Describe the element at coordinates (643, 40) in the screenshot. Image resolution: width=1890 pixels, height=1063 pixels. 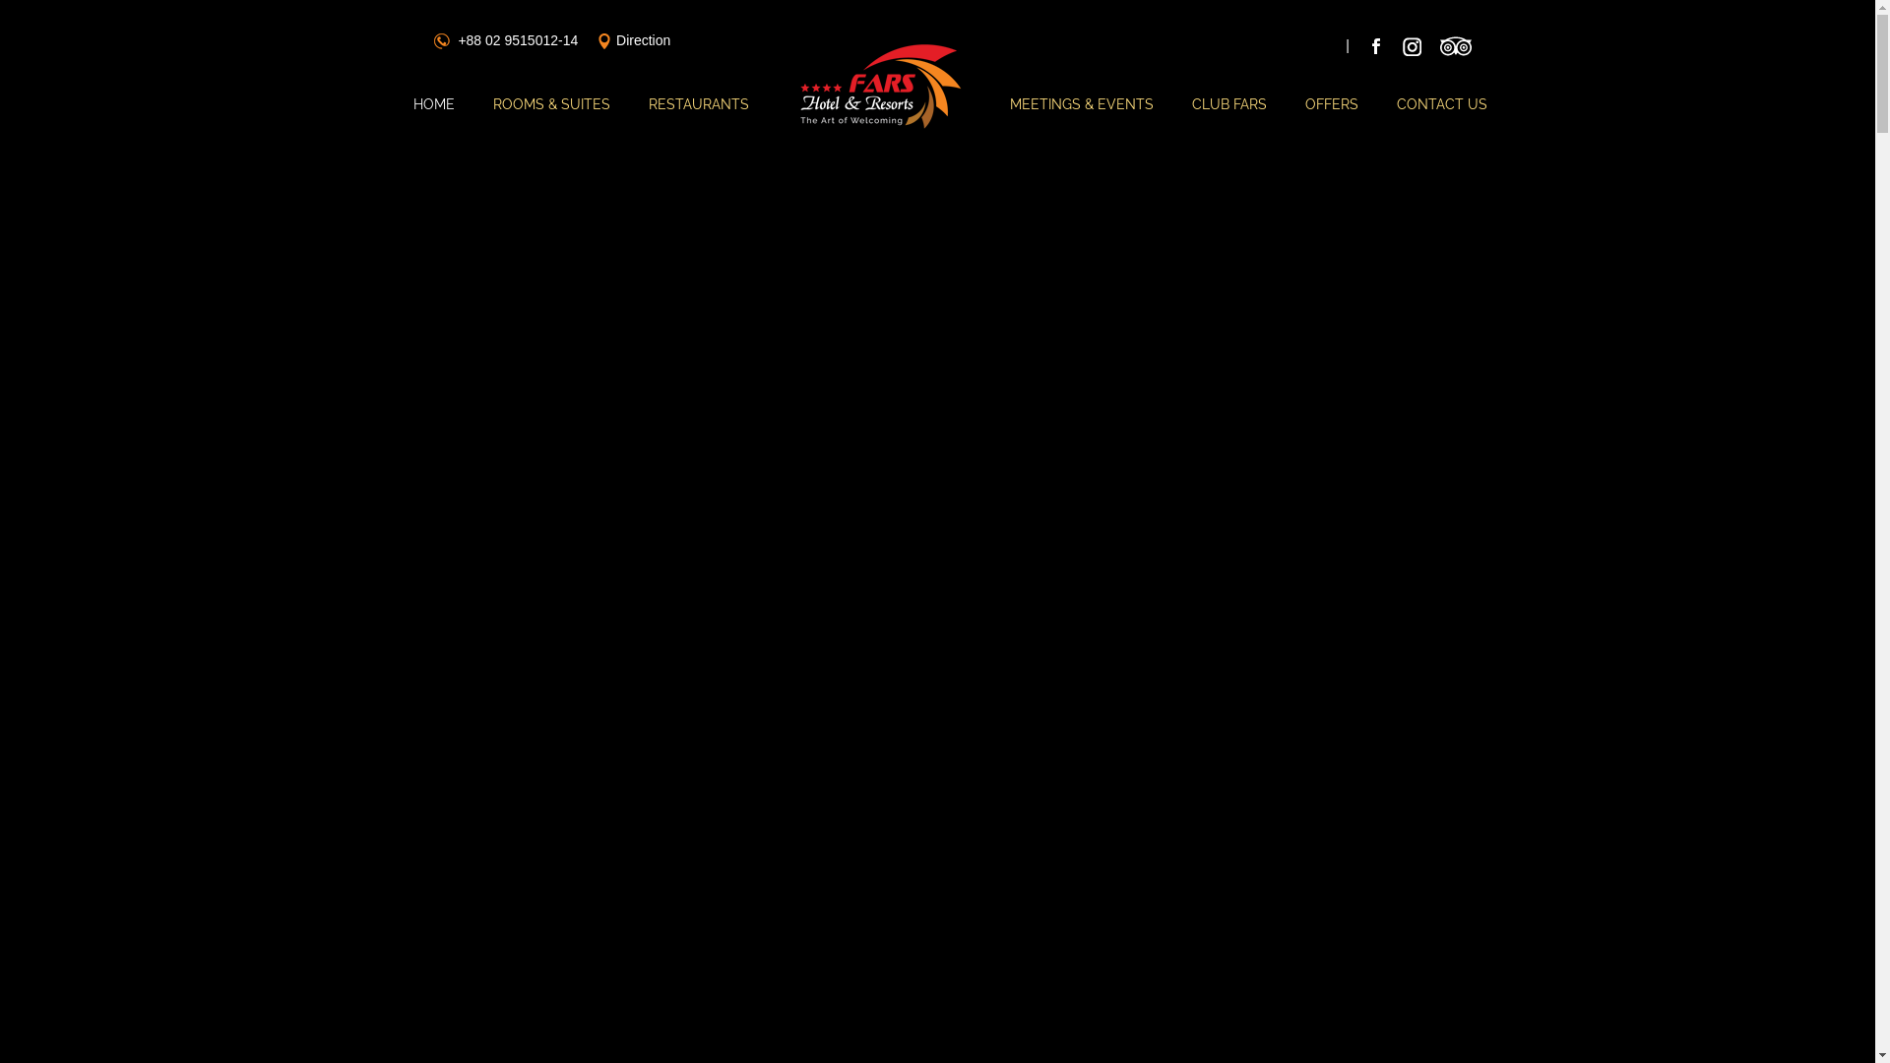
I see `'Direction'` at that location.